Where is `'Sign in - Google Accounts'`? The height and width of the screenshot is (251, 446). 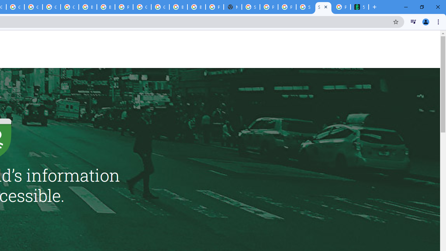 'Sign in - Google Accounts' is located at coordinates (251, 7).